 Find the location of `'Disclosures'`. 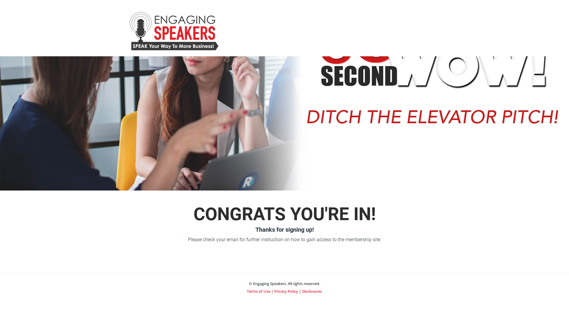

'Disclosures' is located at coordinates (311, 291).